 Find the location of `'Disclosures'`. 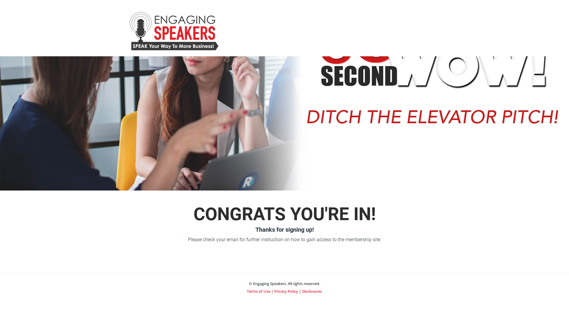

'Disclosures' is located at coordinates (311, 291).